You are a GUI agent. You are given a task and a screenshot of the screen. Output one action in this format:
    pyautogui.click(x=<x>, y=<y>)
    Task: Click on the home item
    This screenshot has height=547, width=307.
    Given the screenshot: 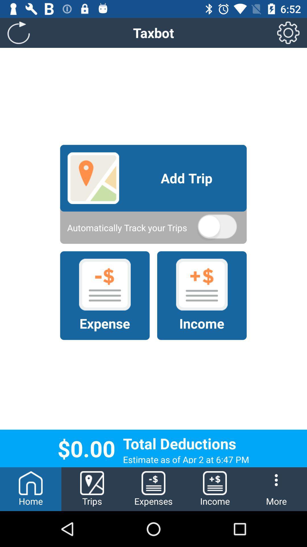 What is the action you would take?
    pyautogui.click(x=31, y=489)
    